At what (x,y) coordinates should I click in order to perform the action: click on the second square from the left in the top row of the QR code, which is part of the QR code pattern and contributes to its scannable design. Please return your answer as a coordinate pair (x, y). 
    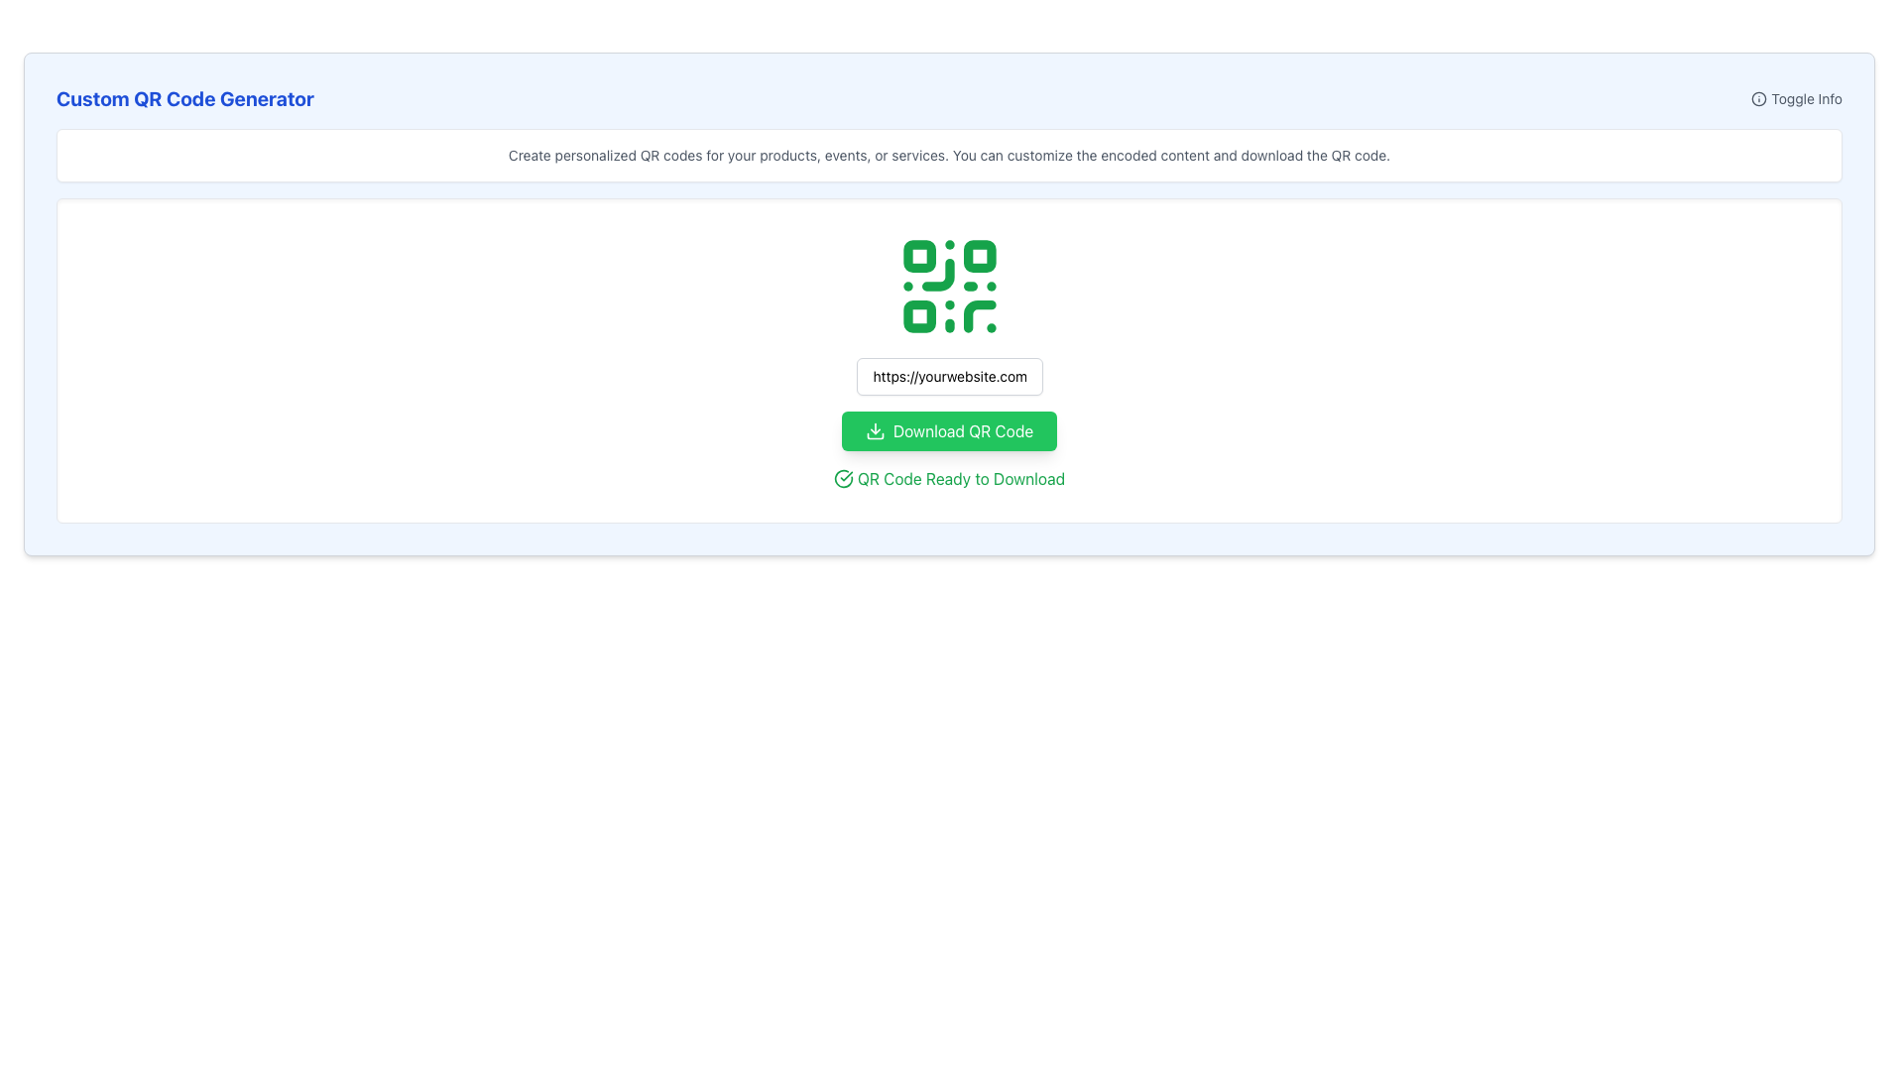
    Looking at the image, I should click on (979, 255).